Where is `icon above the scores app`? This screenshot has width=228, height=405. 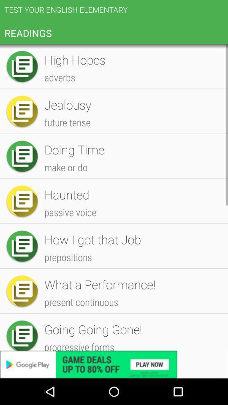 icon above the scores app is located at coordinates (132, 162).